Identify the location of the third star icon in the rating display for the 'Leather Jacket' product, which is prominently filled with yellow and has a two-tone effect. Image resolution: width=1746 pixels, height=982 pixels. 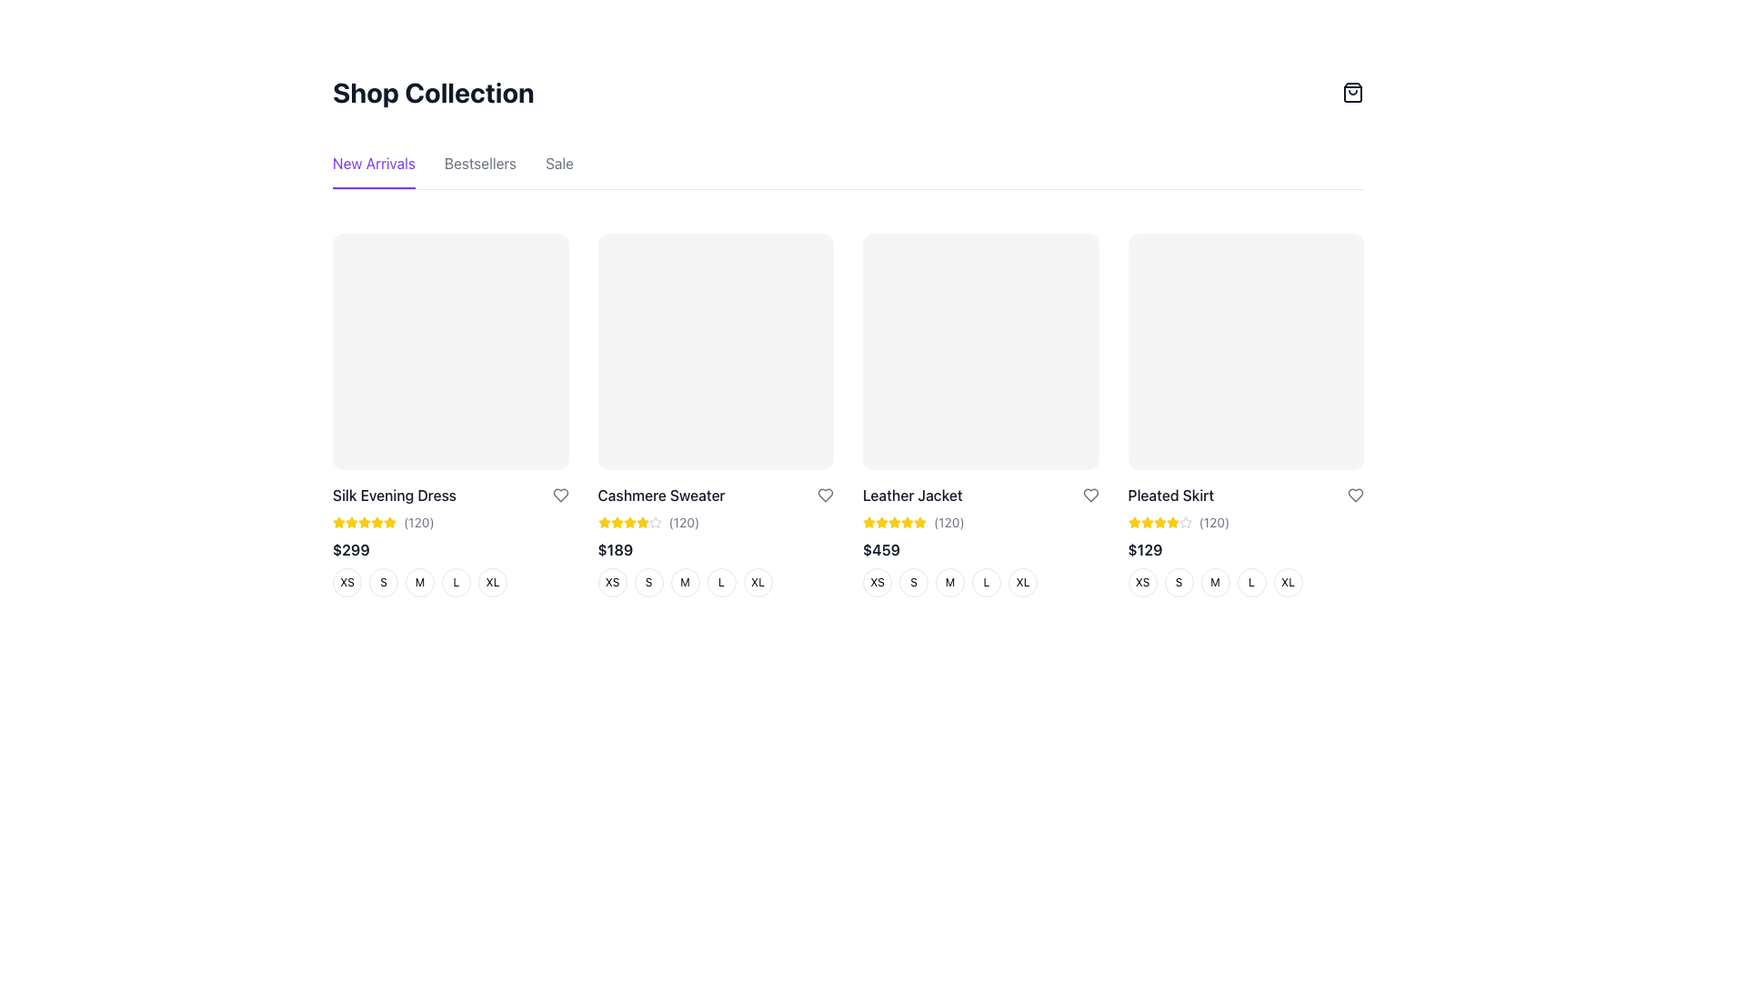
(894, 522).